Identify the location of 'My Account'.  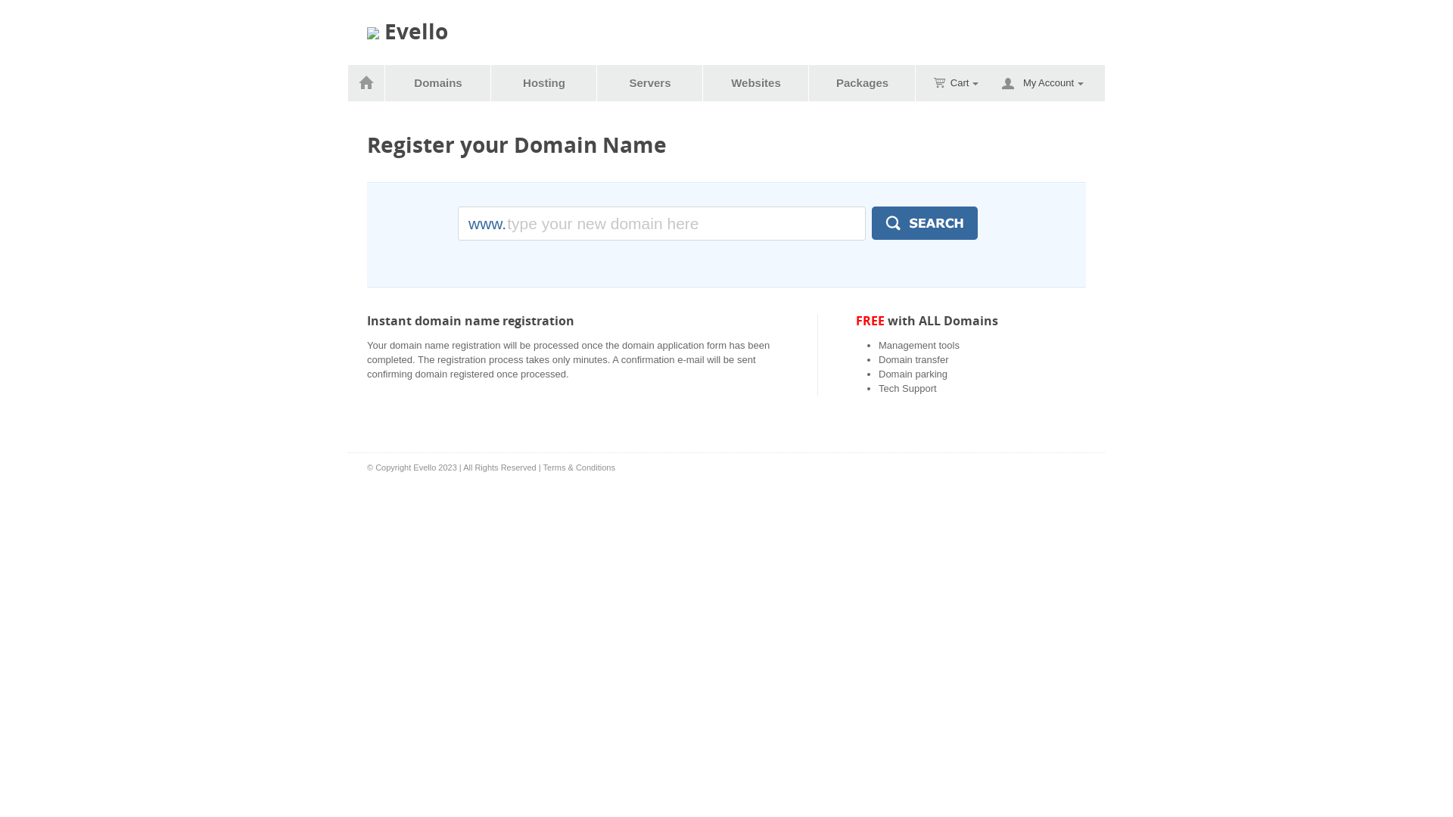
(1053, 83).